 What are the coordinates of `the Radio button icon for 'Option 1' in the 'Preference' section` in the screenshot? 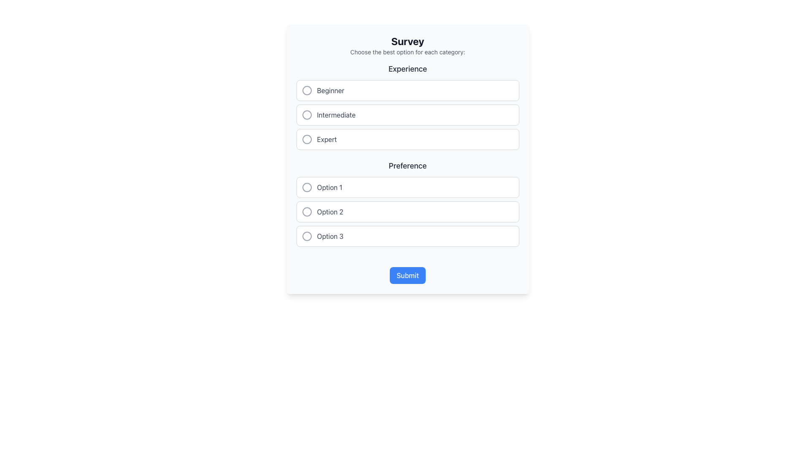 It's located at (306, 187).